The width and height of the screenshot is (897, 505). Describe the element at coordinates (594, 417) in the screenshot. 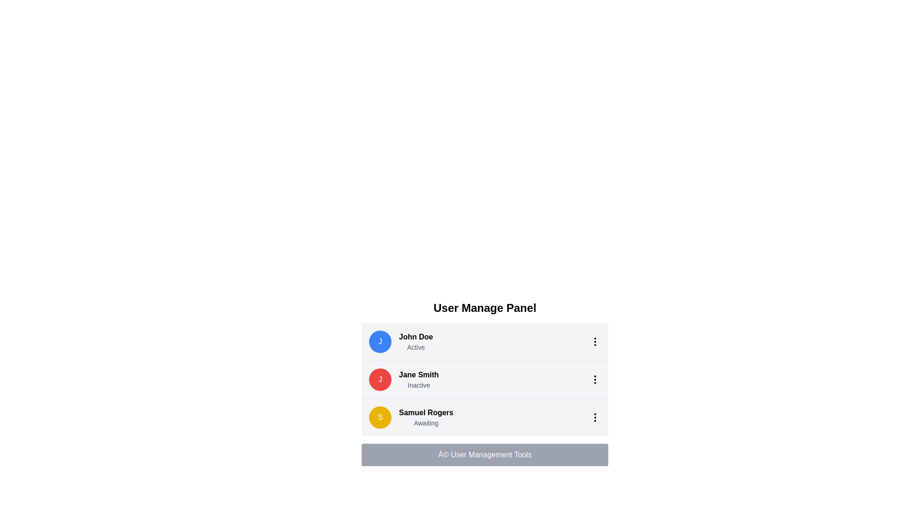

I see `the vertical ellipsis icon located at the far right of the row representing Samuel Rogers` at that location.